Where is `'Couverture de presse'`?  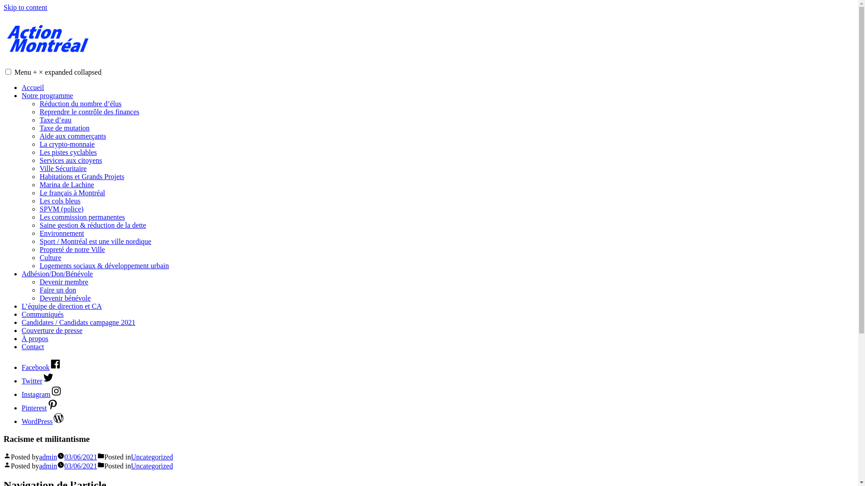
'Couverture de presse' is located at coordinates (51, 330).